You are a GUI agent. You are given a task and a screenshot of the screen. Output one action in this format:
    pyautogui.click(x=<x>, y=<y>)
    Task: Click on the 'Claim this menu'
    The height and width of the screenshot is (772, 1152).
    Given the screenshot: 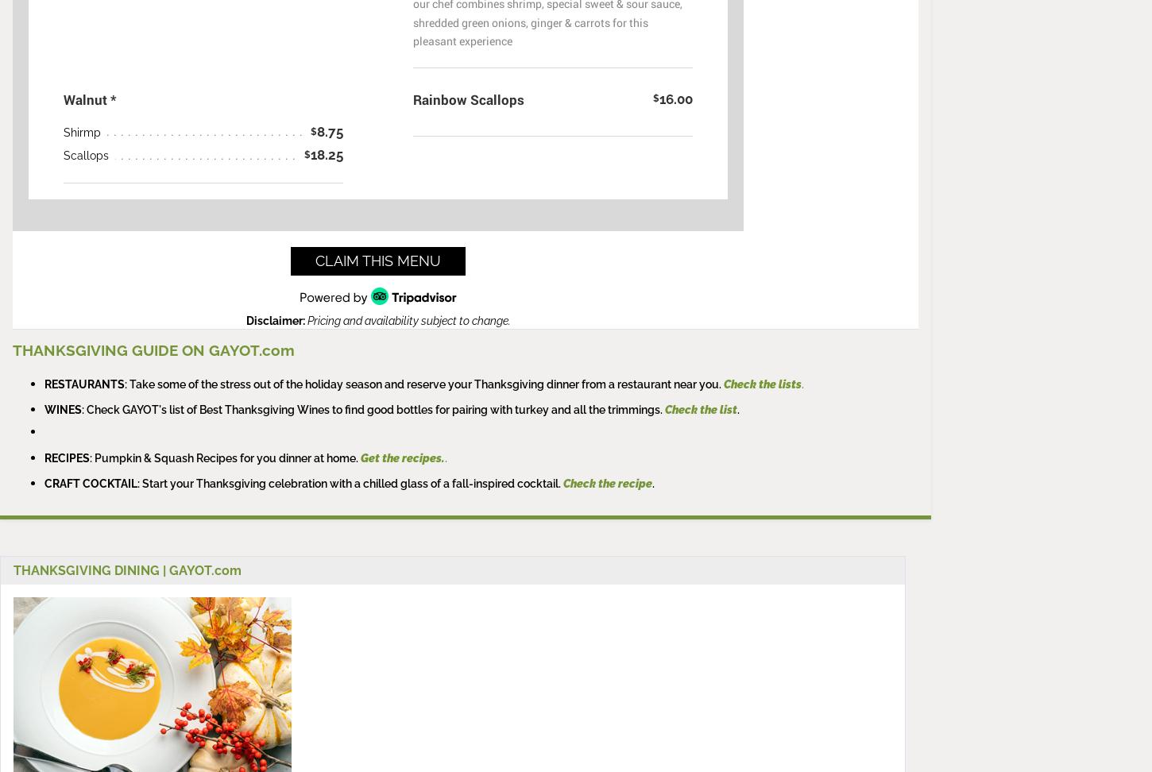 What is the action you would take?
    pyautogui.click(x=377, y=259)
    